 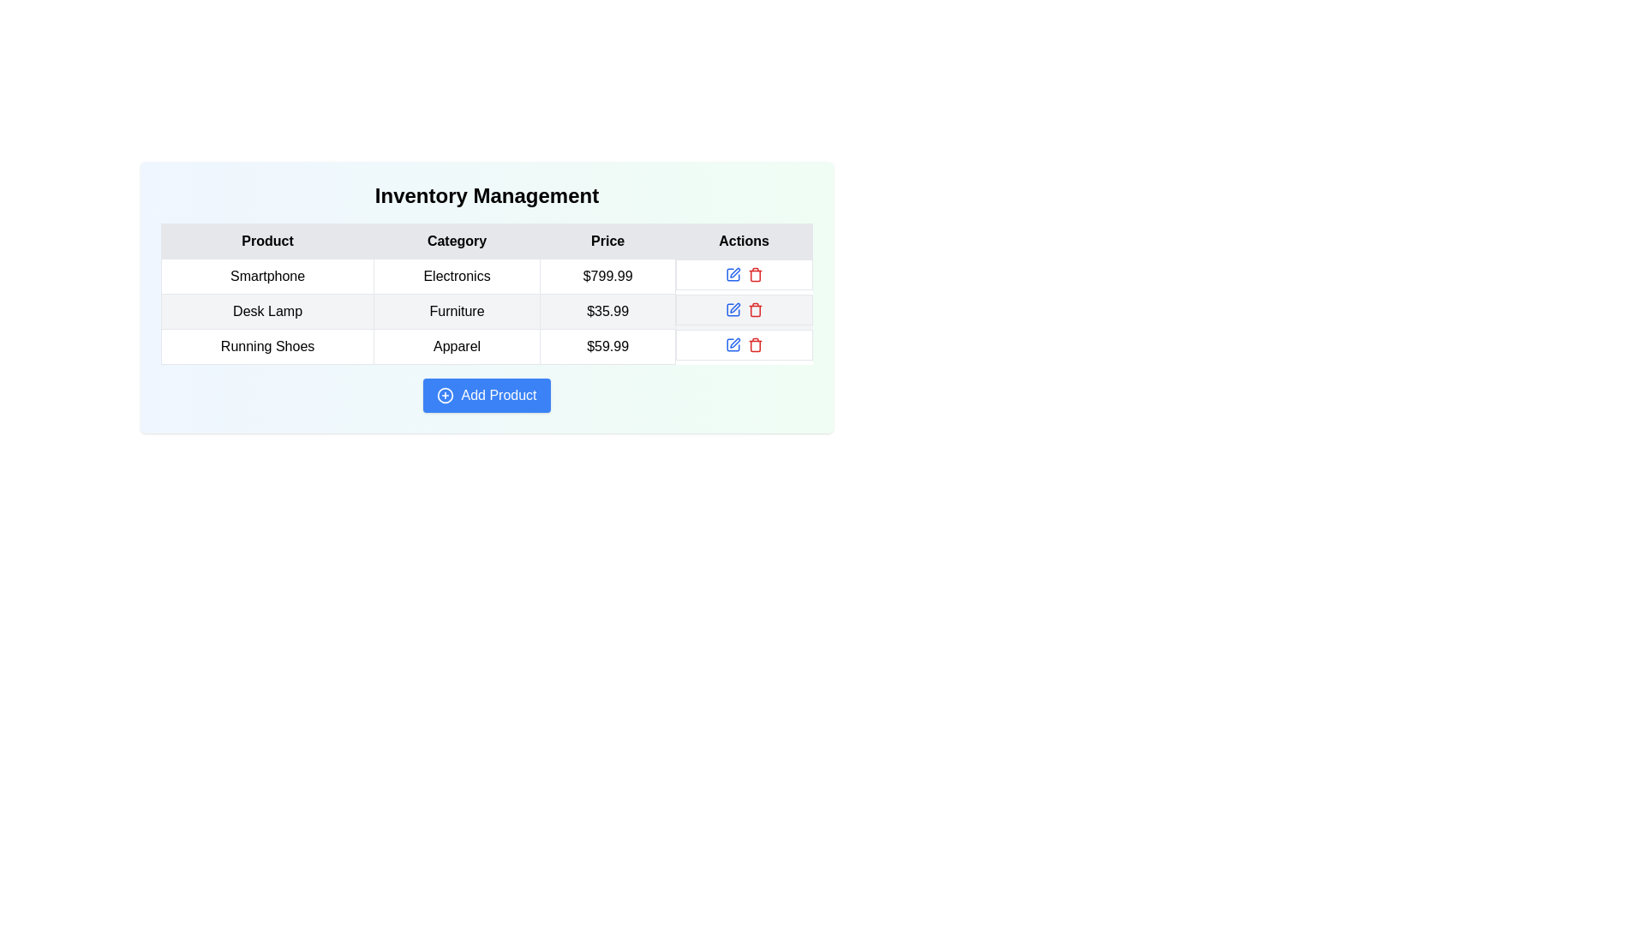 What do you see at coordinates (754, 309) in the screenshot?
I see `the delete icon-based button located in the 'Actions' column of the second row in the table` at bounding box center [754, 309].